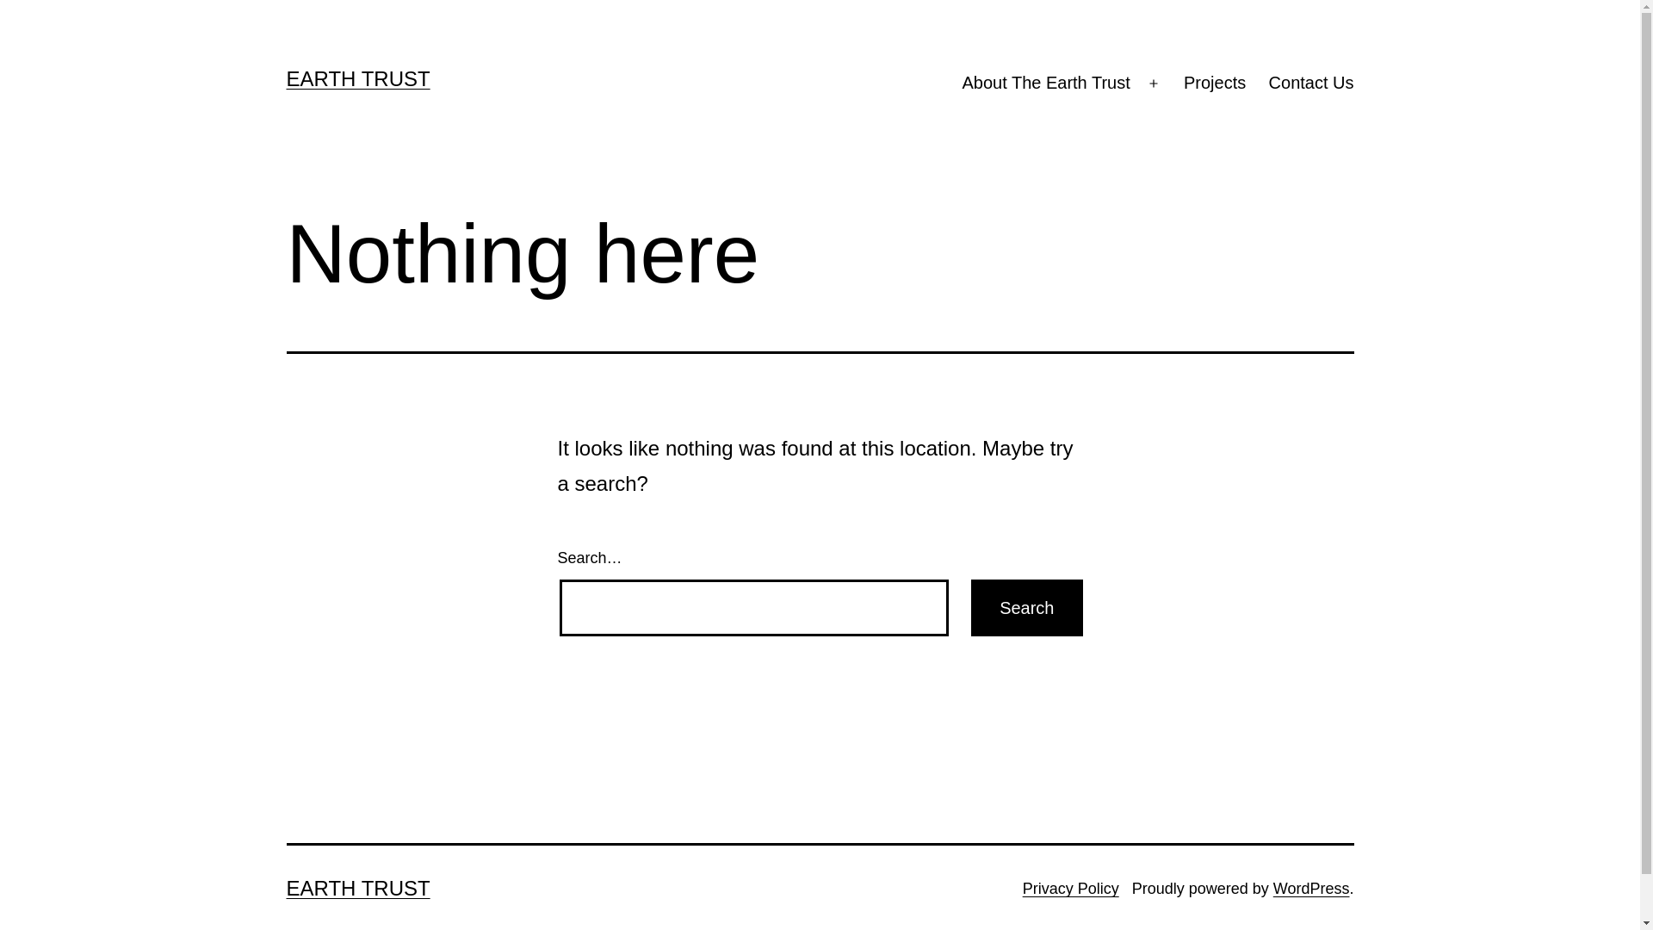 This screenshot has height=930, width=1653. I want to click on 'Projects', so click(1214, 83).